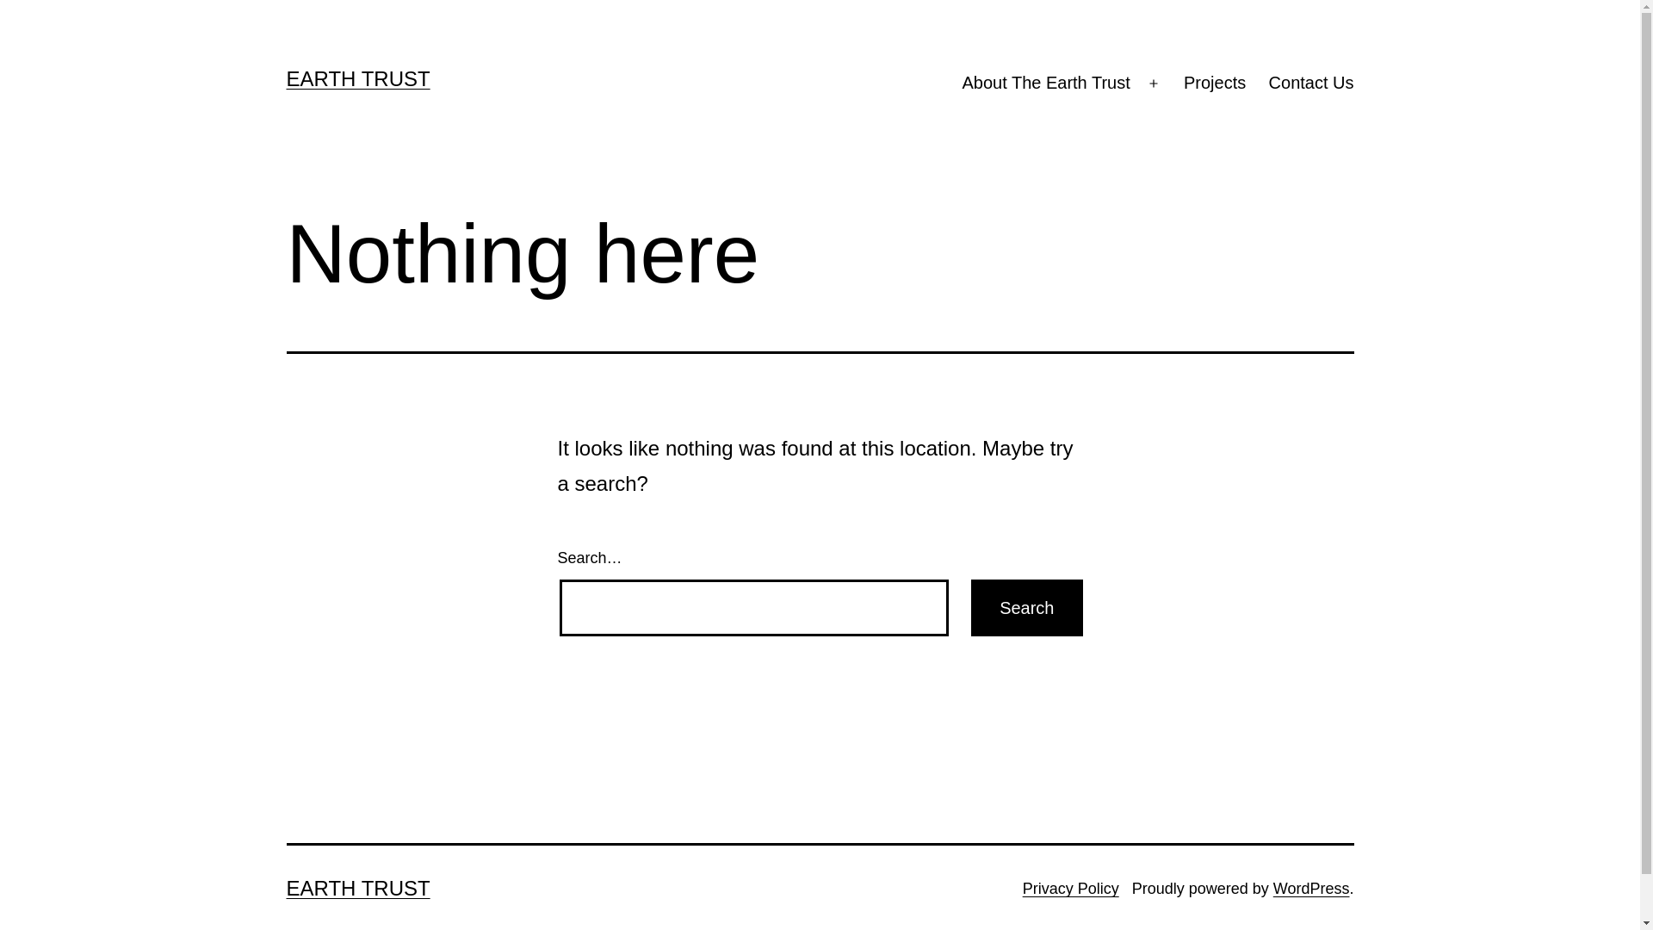 This screenshot has height=930, width=1653. I want to click on 'Projects', so click(1214, 83).